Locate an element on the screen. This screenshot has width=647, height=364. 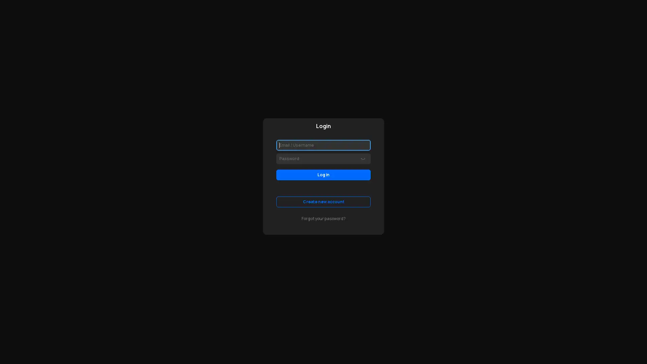
Forgot your password? is located at coordinates (323, 218).